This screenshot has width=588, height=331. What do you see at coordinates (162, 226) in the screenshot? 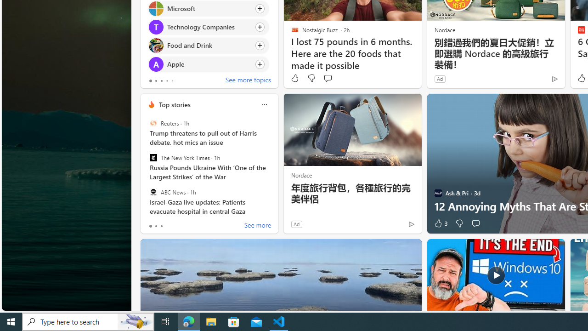
I see `'tab-2'` at bounding box center [162, 226].